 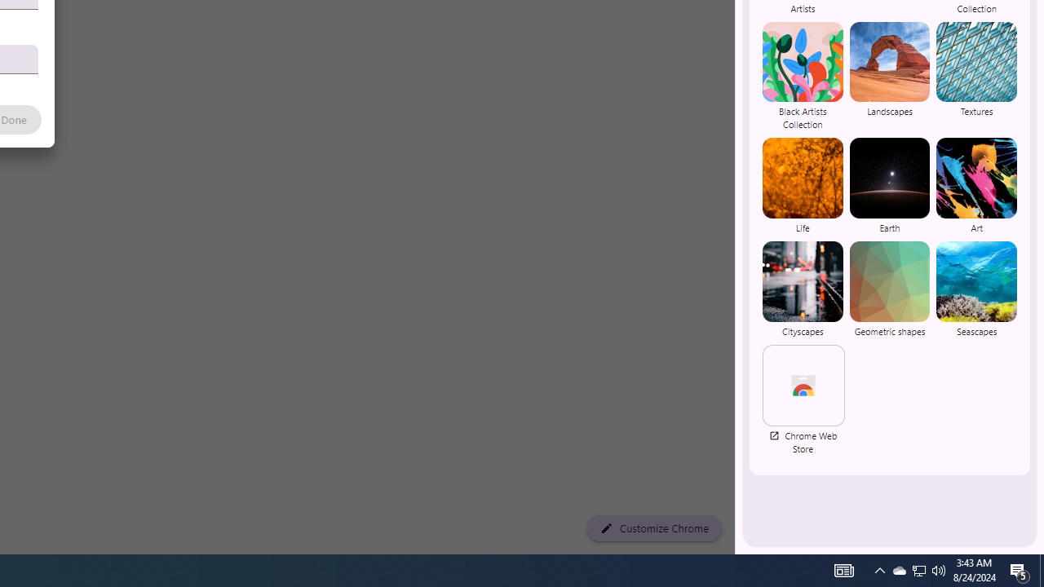 I want to click on 'Textures', so click(x=976, y=76).